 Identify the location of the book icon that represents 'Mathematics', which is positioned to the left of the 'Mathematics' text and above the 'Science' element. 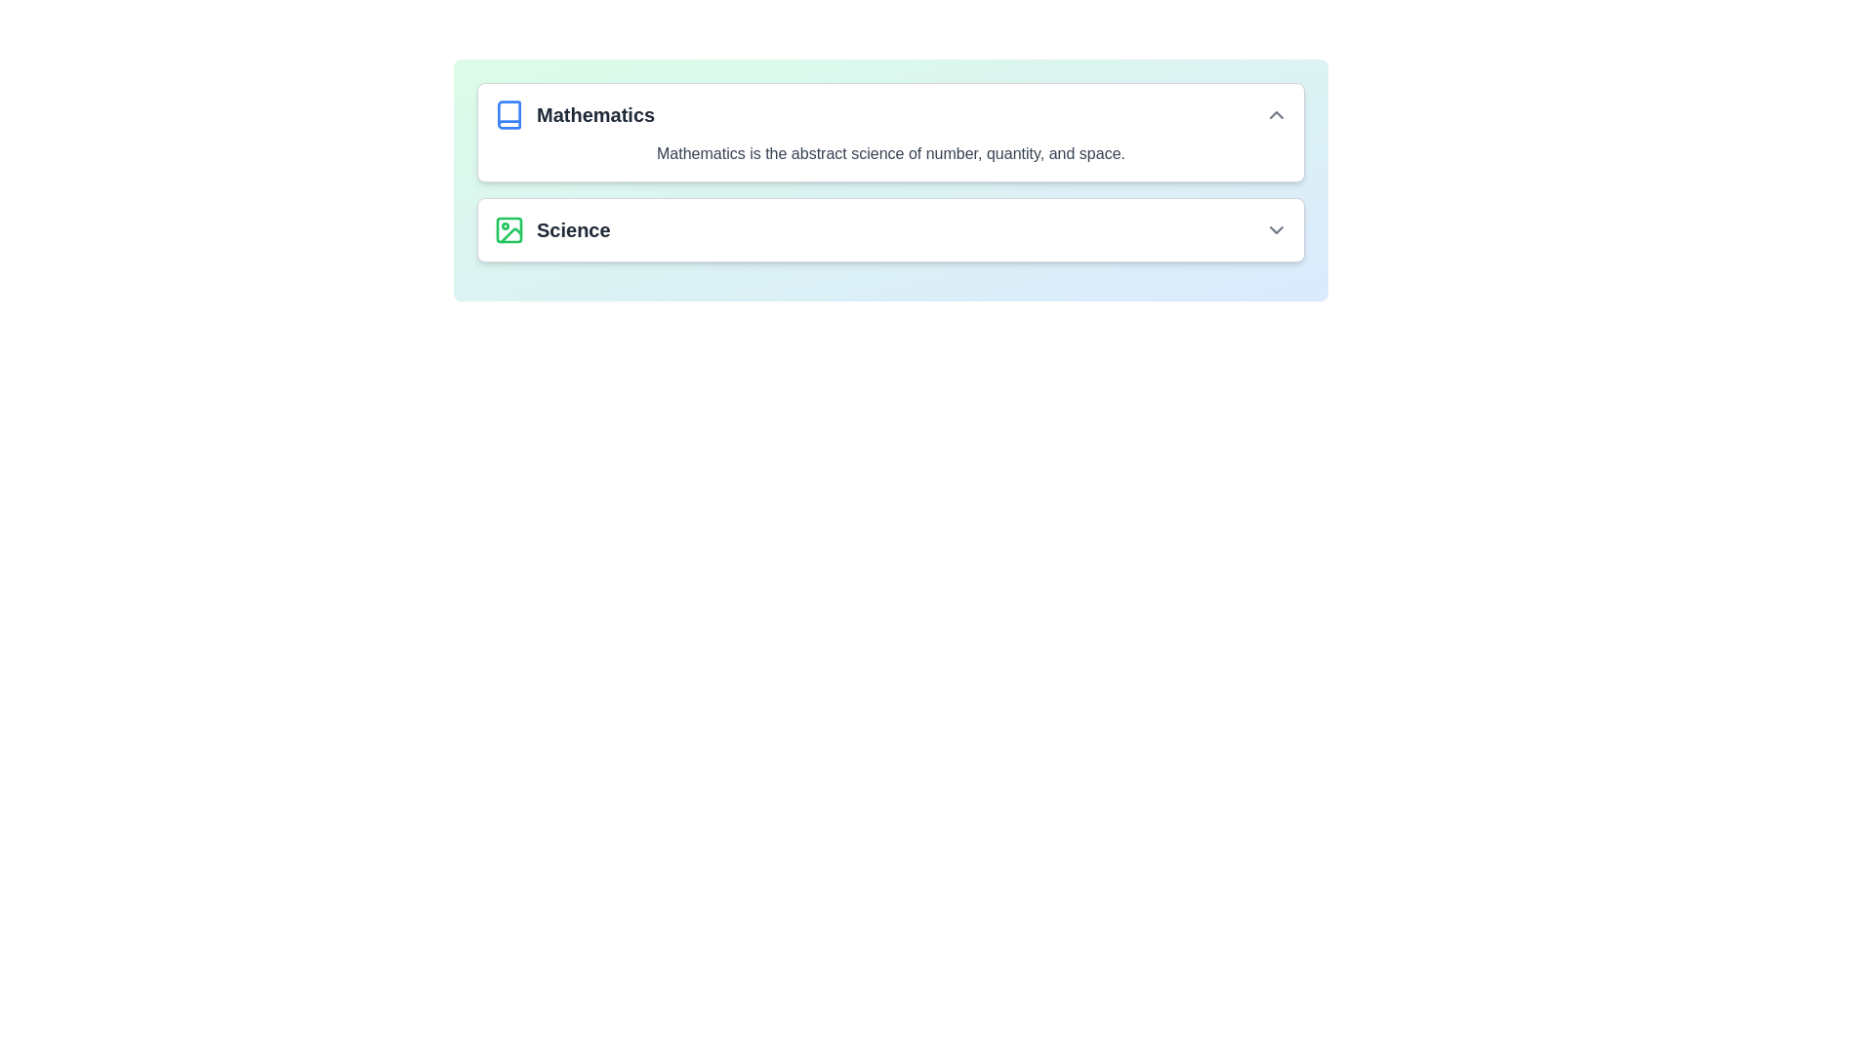
(509, 115).